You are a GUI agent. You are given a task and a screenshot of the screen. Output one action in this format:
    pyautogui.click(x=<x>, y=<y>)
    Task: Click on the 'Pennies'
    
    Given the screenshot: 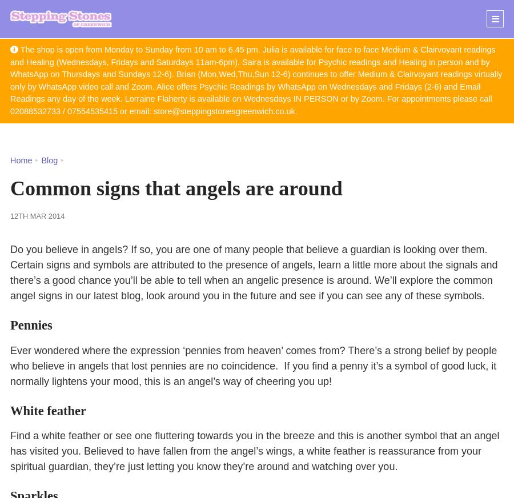 What is the action you would take?
    pyautogui.click(x=10, y=325)
    